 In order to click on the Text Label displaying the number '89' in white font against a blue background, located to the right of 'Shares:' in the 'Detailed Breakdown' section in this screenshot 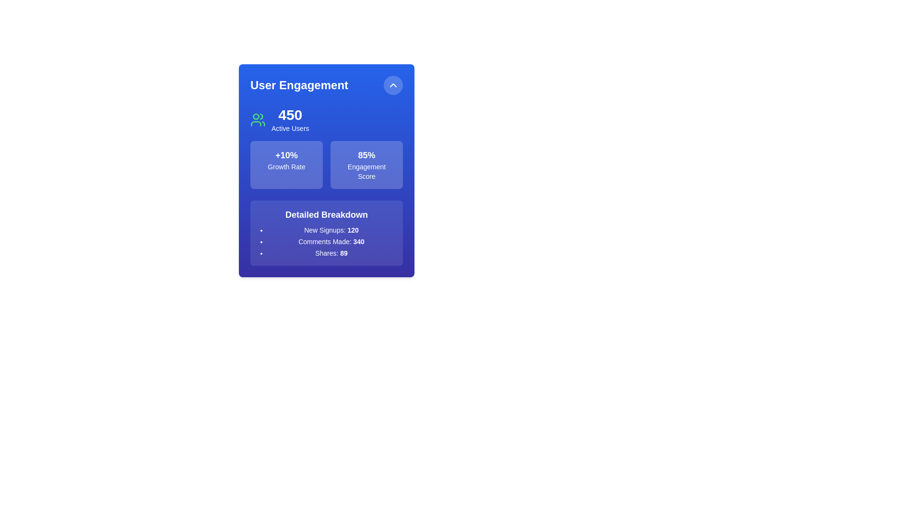, I will do `click(344, 253)`.